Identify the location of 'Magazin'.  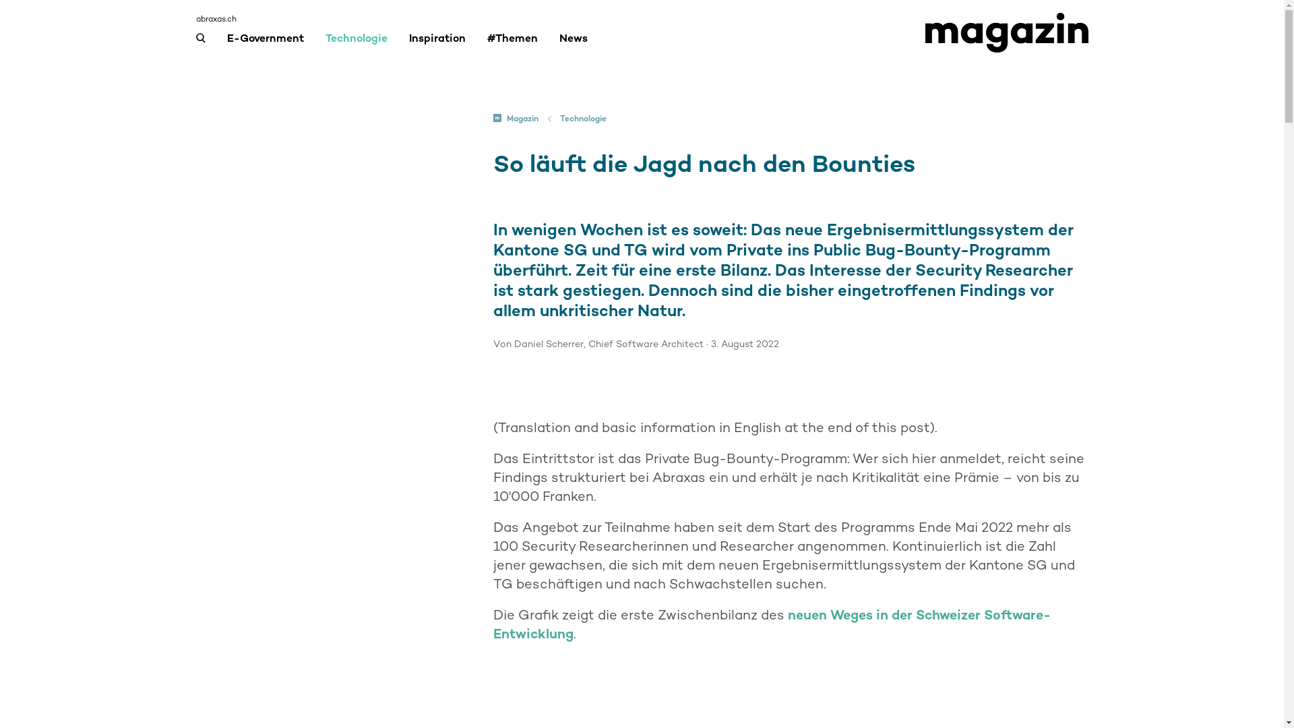
(515, 118).